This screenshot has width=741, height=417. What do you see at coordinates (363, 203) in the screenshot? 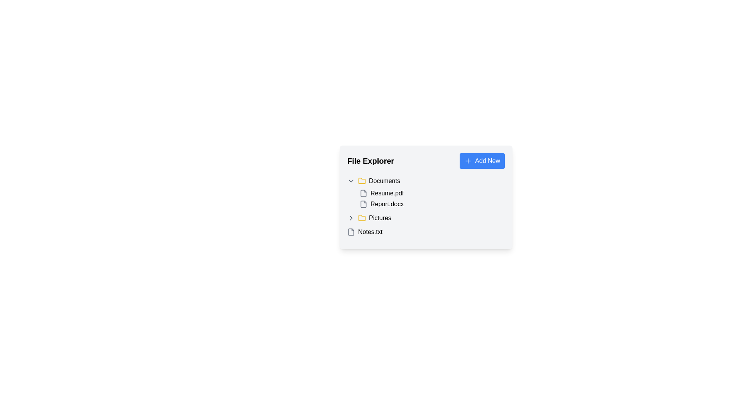
I see `the file icon with a gray outline and folded corner located` at bounding box center [363, 203].